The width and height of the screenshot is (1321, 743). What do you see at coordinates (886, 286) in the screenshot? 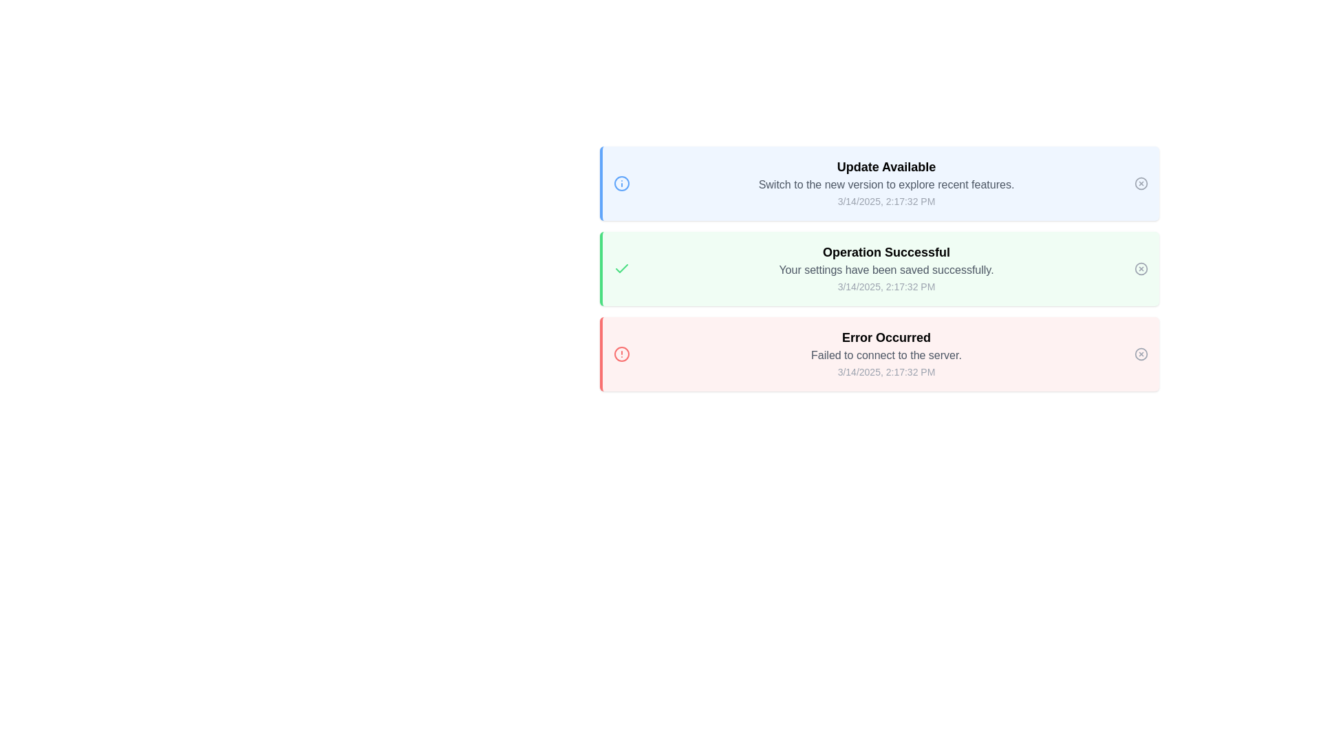
I see `the timestamp text label displaying '3/14/2025, 2:17:32 PM', which is located below the green heading 'Operation Successful'` at bounding box center [886, 286].